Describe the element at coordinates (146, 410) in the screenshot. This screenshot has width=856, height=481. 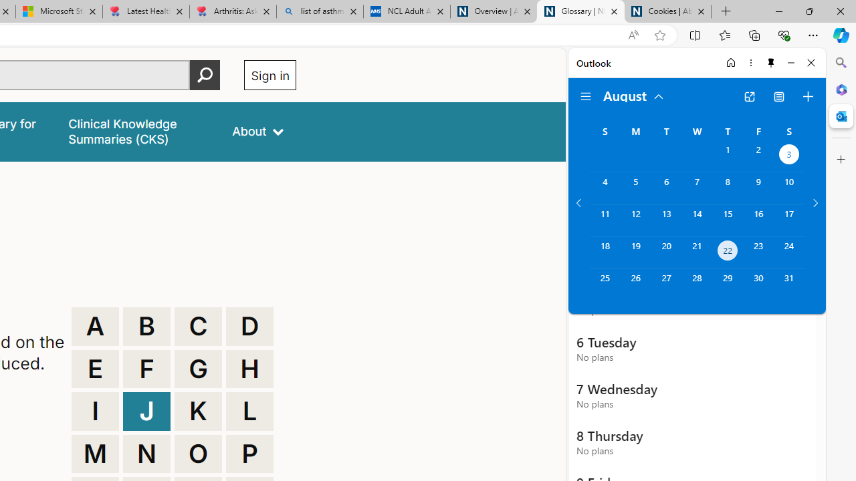
I see `'J'` at that location.